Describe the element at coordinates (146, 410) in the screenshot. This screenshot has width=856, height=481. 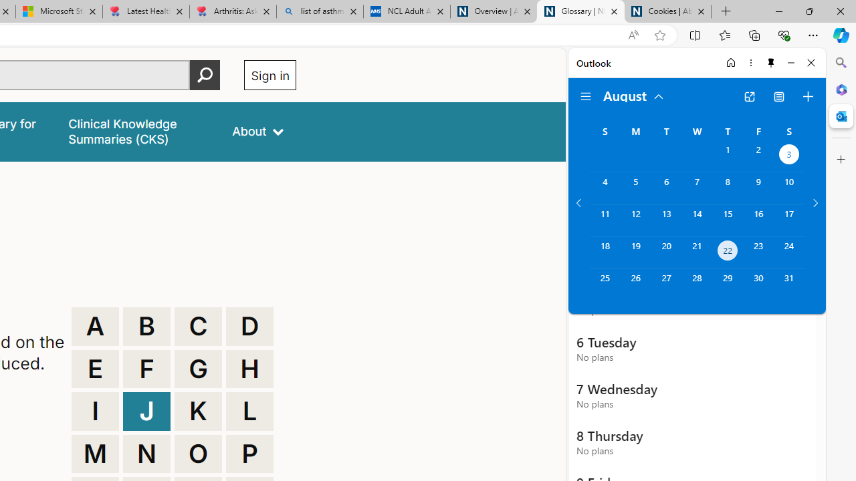
I see `'J'` at that location.